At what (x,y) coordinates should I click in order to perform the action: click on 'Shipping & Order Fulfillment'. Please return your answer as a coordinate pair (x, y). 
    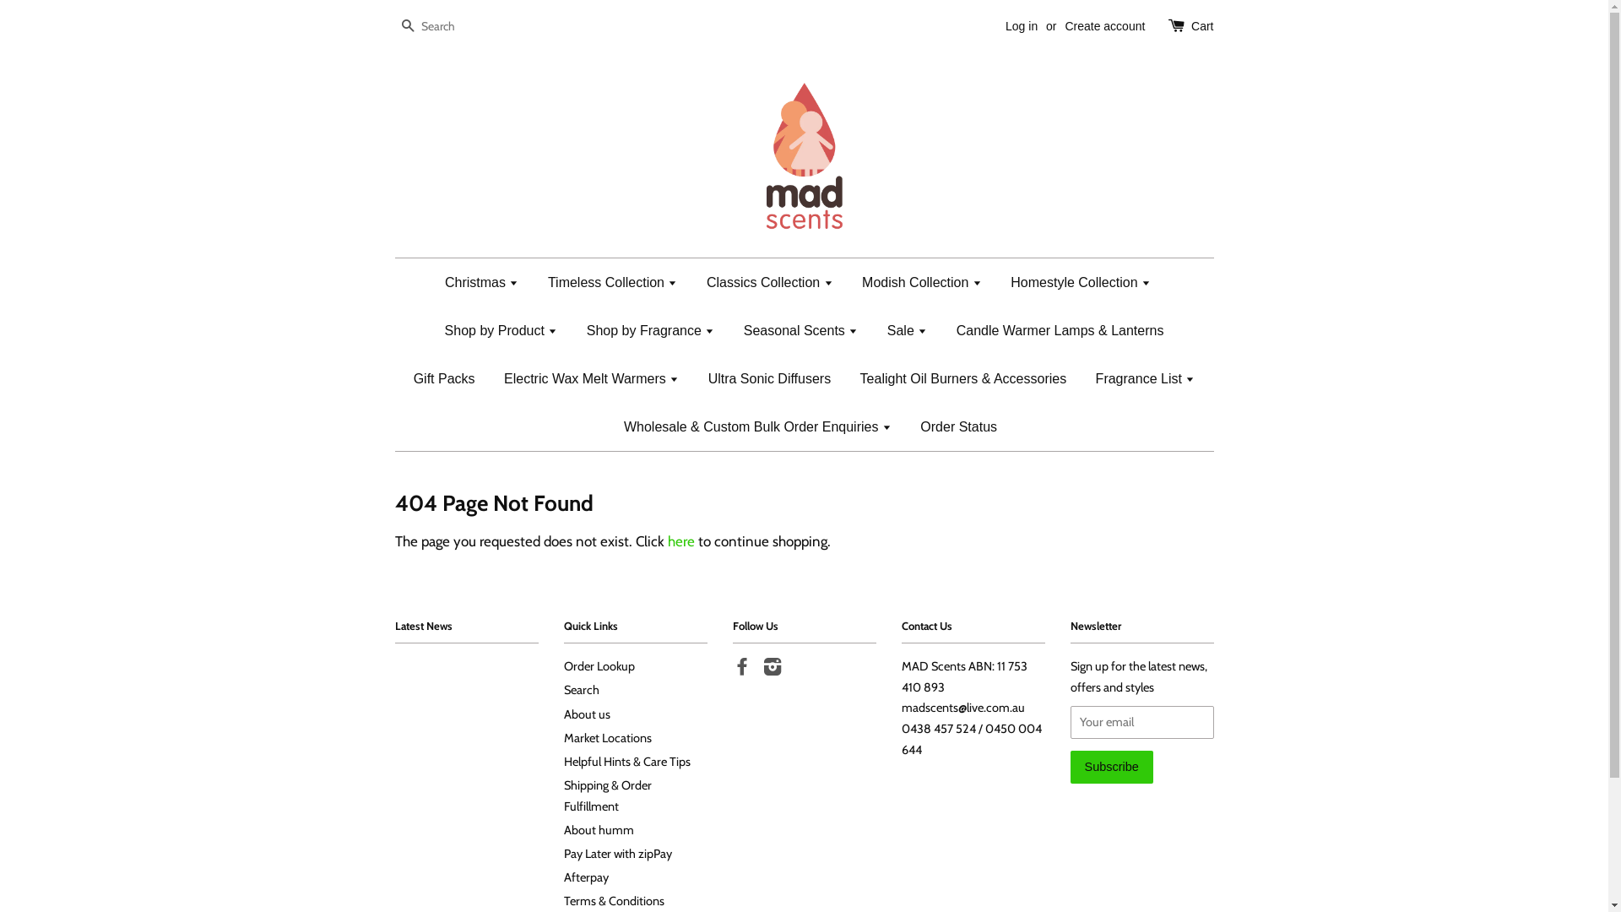
    Looking at the image, I should click on (608, 795).